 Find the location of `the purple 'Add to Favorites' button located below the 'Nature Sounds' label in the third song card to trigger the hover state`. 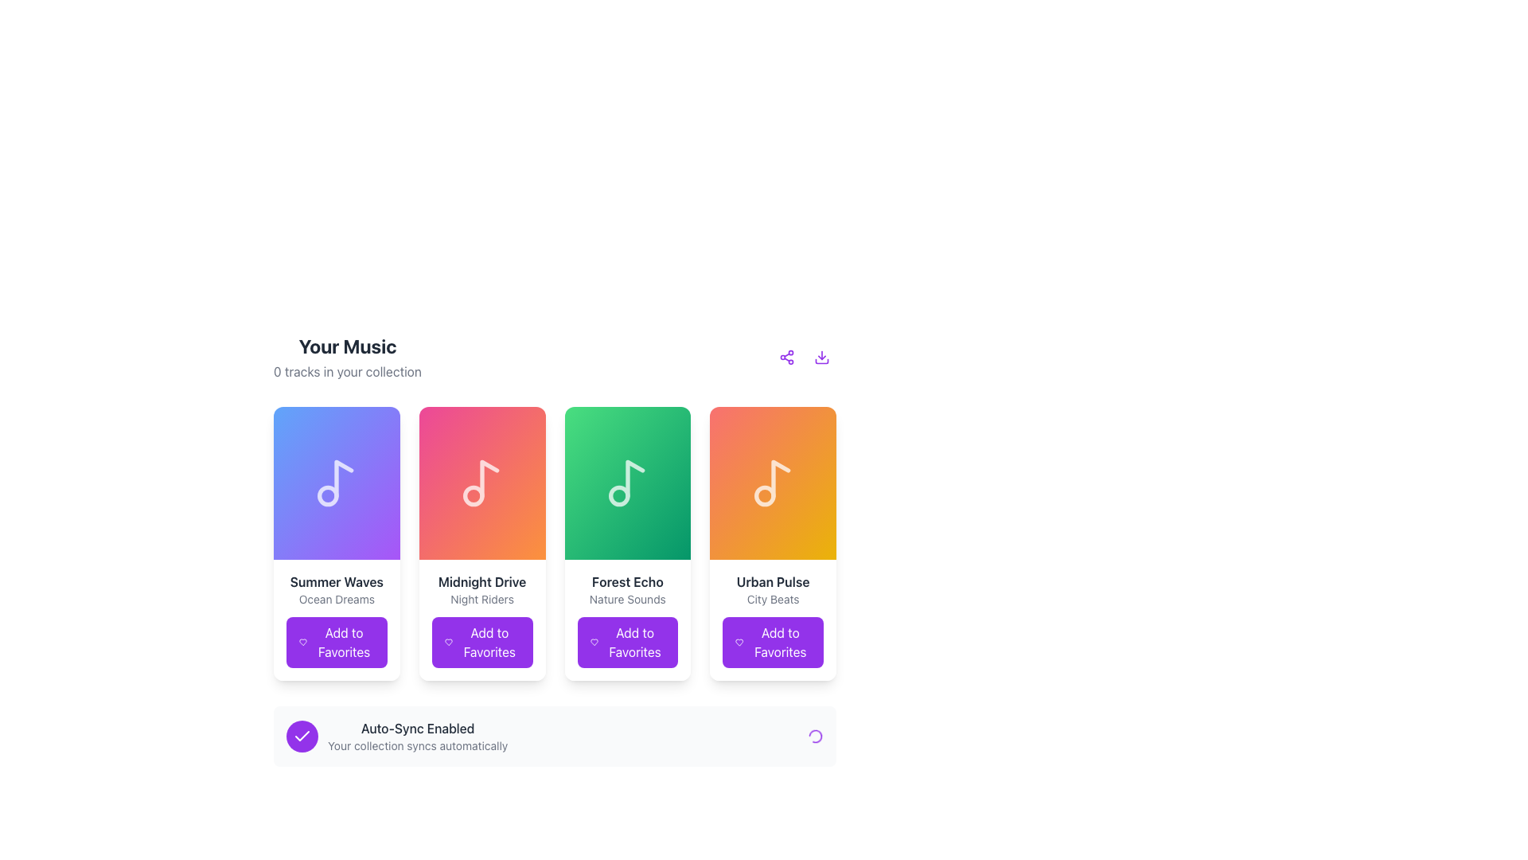

the purple 'Add to Favorites' button located below the 'Nature Sounds' label in the third song card to trigger the hover state is located at coordinates (626, 620).